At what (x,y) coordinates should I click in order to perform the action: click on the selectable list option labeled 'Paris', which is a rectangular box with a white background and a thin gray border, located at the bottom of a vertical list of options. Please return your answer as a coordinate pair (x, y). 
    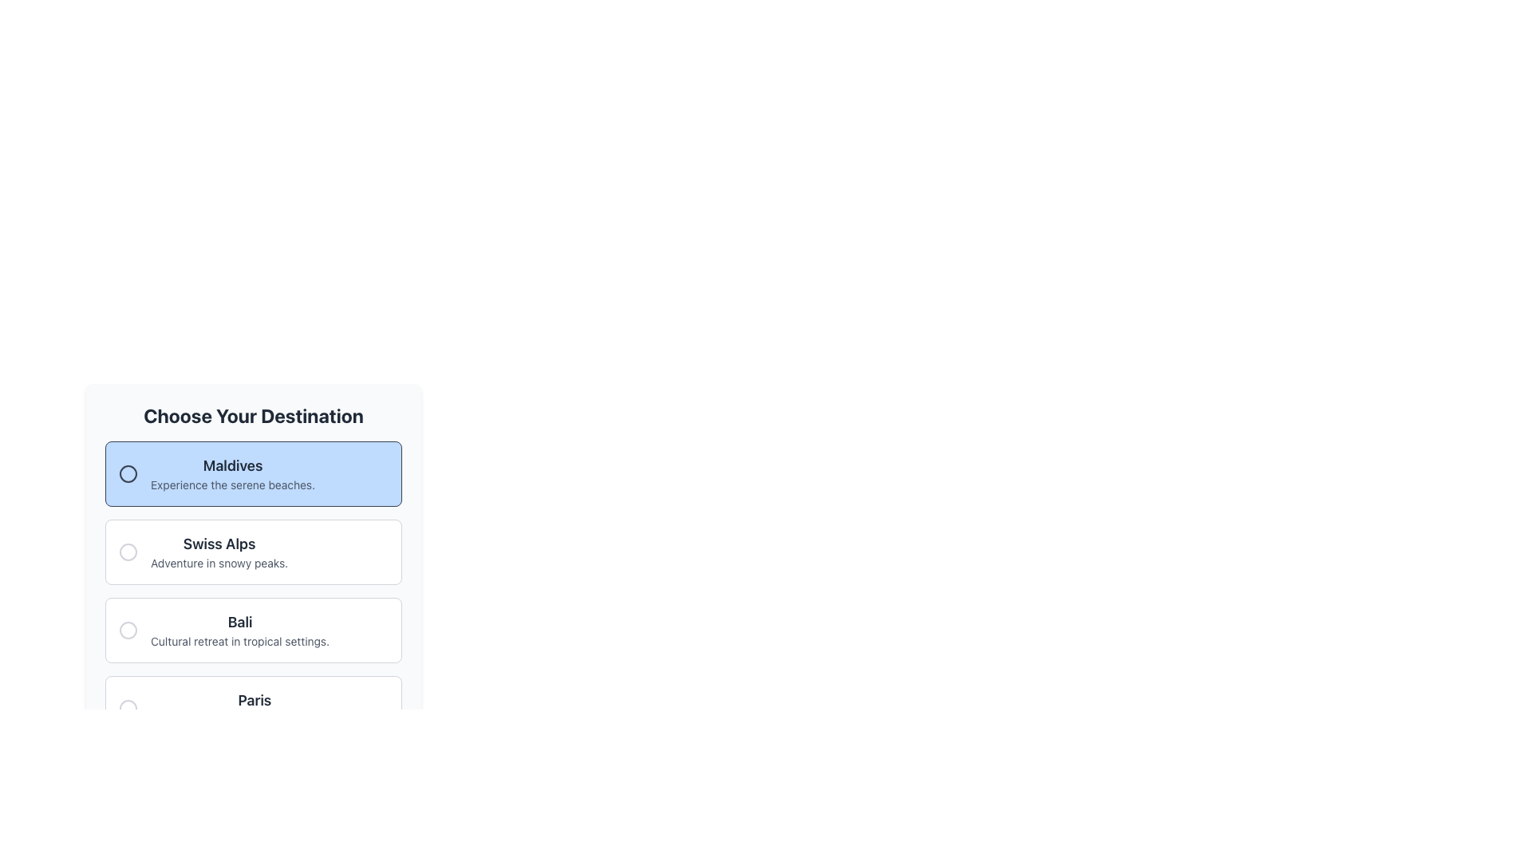
    Looking at the image, I should click on (252, 707).